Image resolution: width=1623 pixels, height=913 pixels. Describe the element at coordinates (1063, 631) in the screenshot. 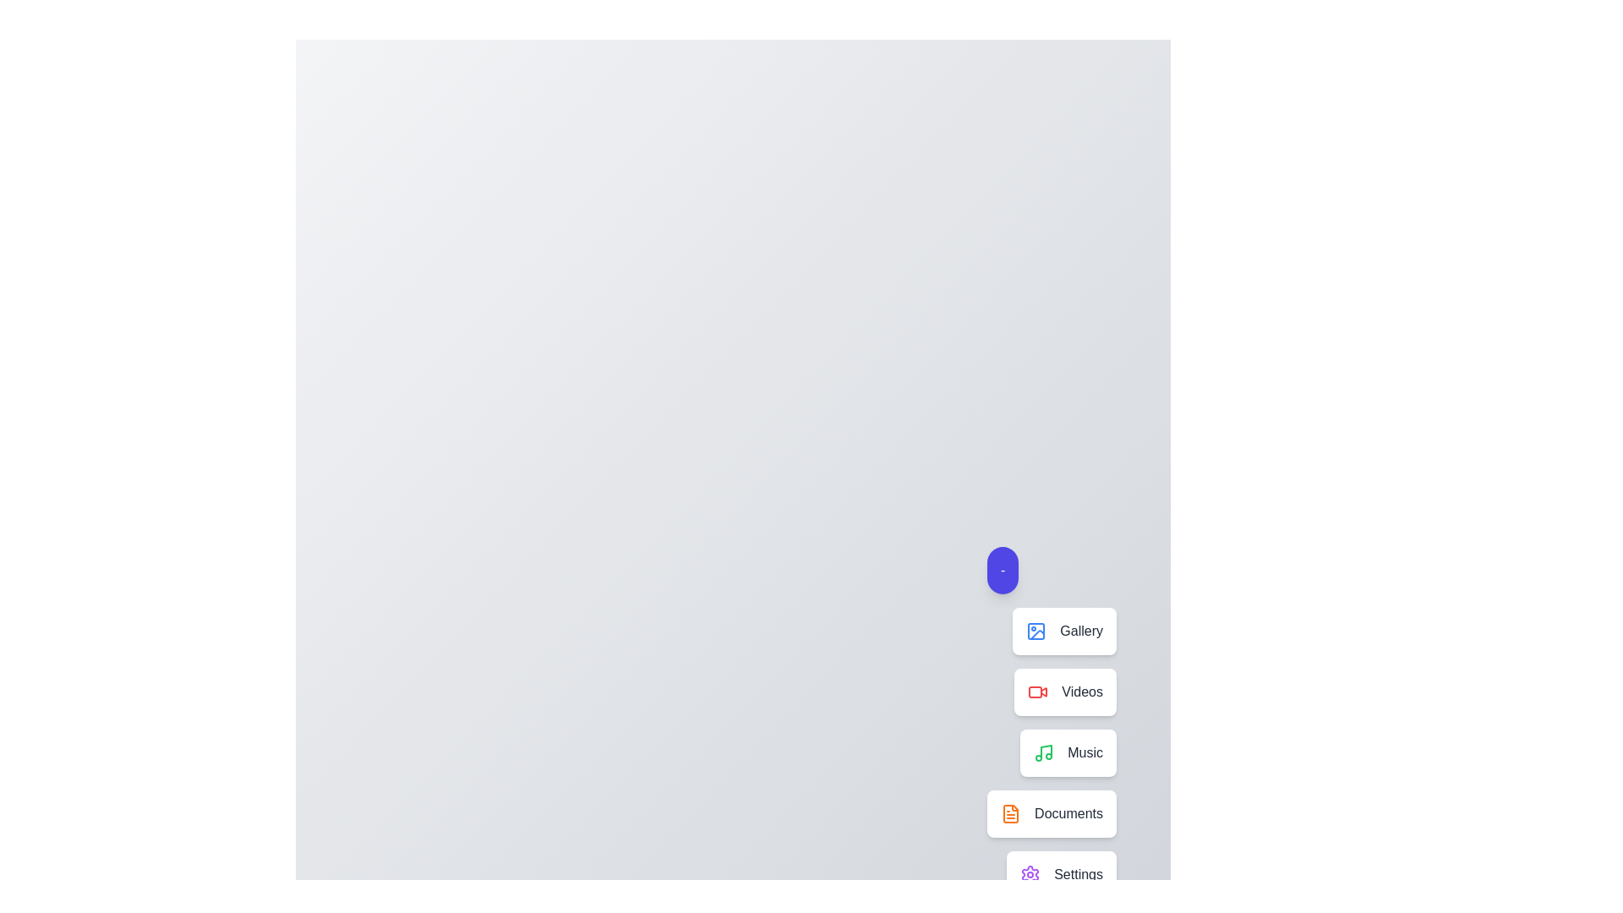

I see `the menu item labeled 'Gallery' to observe its hover animation` at that location.